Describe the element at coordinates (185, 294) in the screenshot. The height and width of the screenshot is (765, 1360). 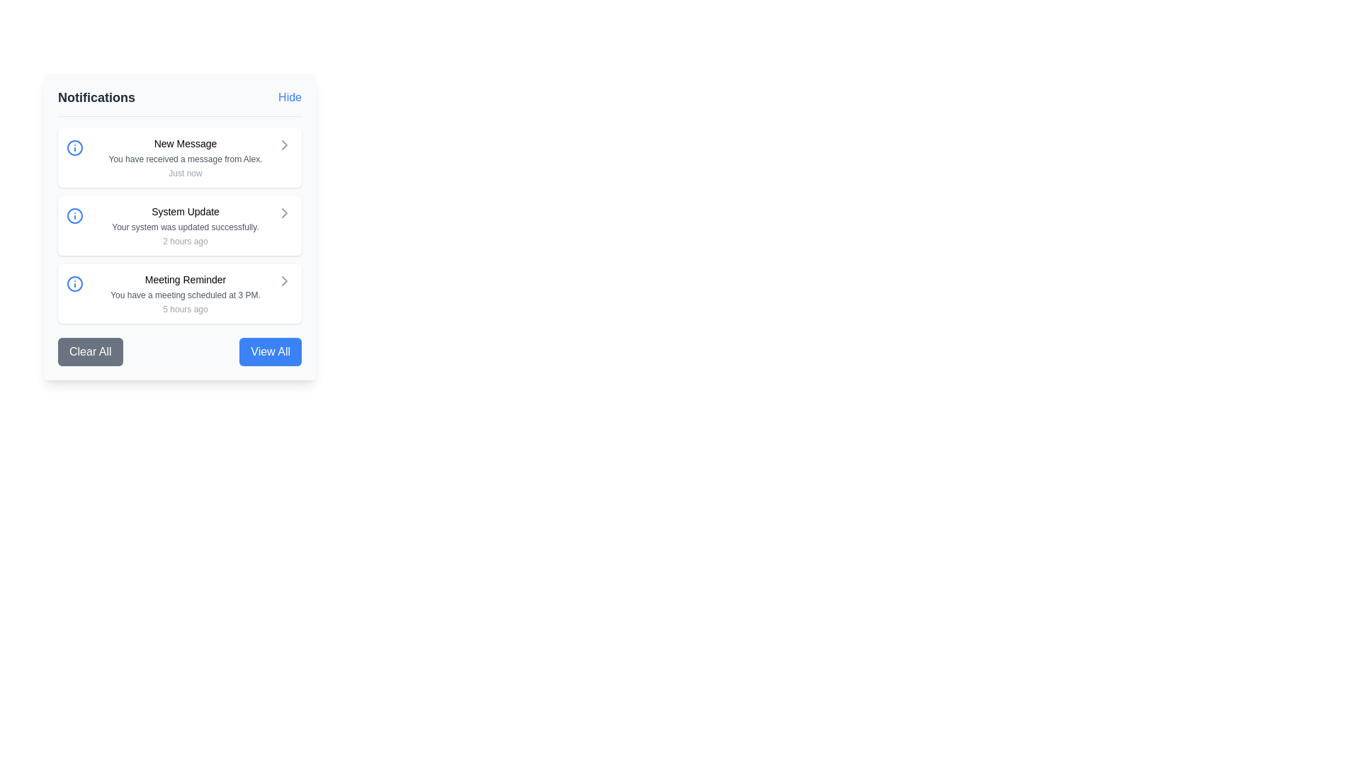
I see `content displayed in the Text Label that provides details about the meeting scheduled at a specific time, located below the 'Meeting Reminder' title and above the '5 hours ago' text` at that location.